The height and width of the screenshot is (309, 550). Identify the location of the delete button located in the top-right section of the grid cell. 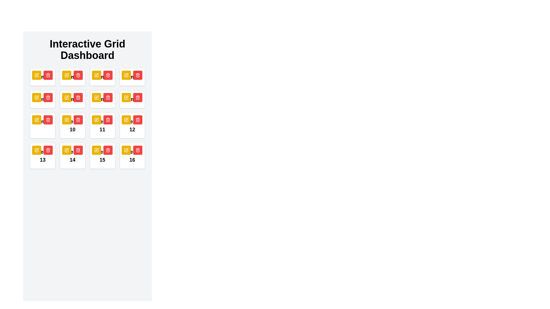
(48, 75).